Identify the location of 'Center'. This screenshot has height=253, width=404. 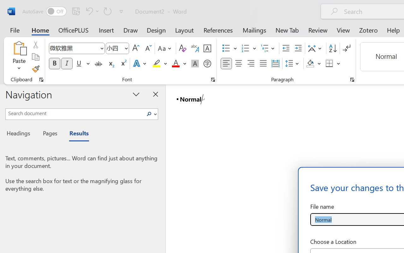
(238, 64).